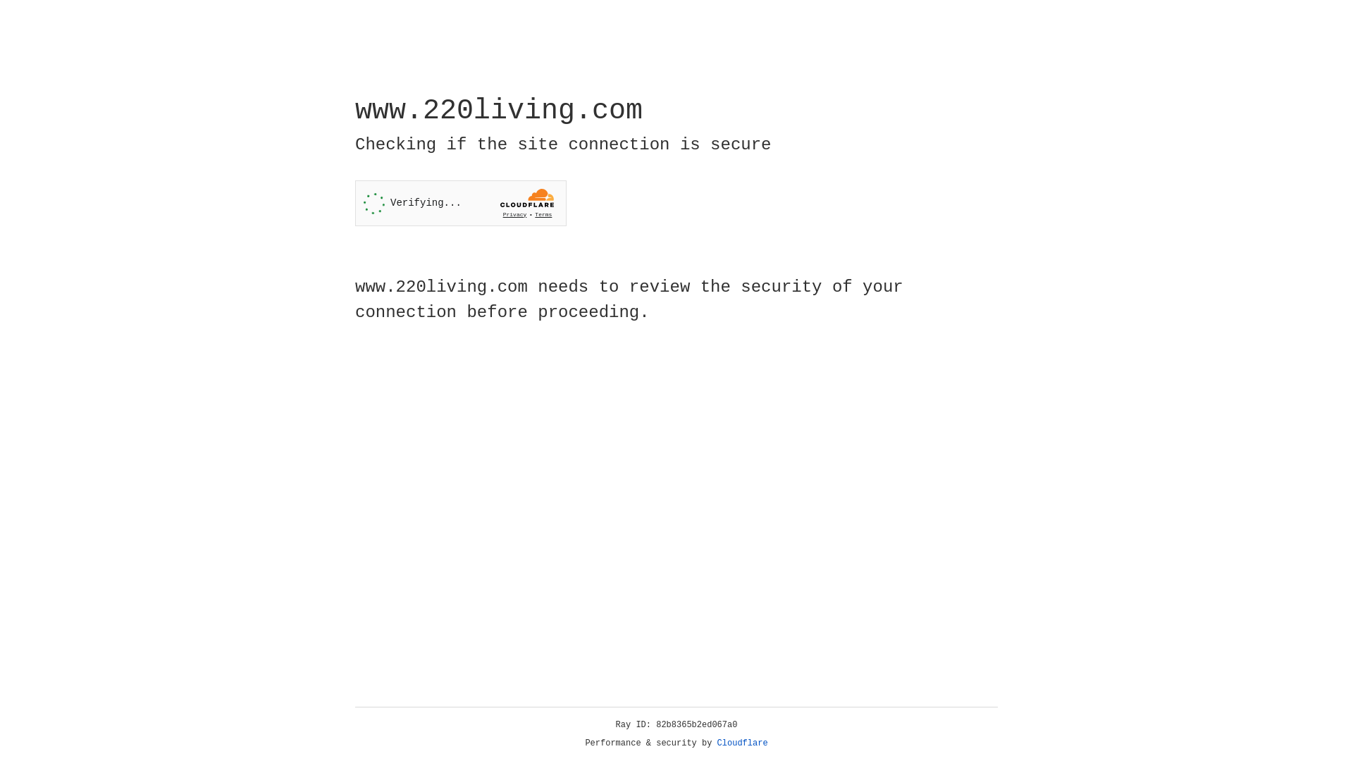  Describe the element at coordinates (742, 743) in the screenshot. I see `'Cloudflare'` at that location.